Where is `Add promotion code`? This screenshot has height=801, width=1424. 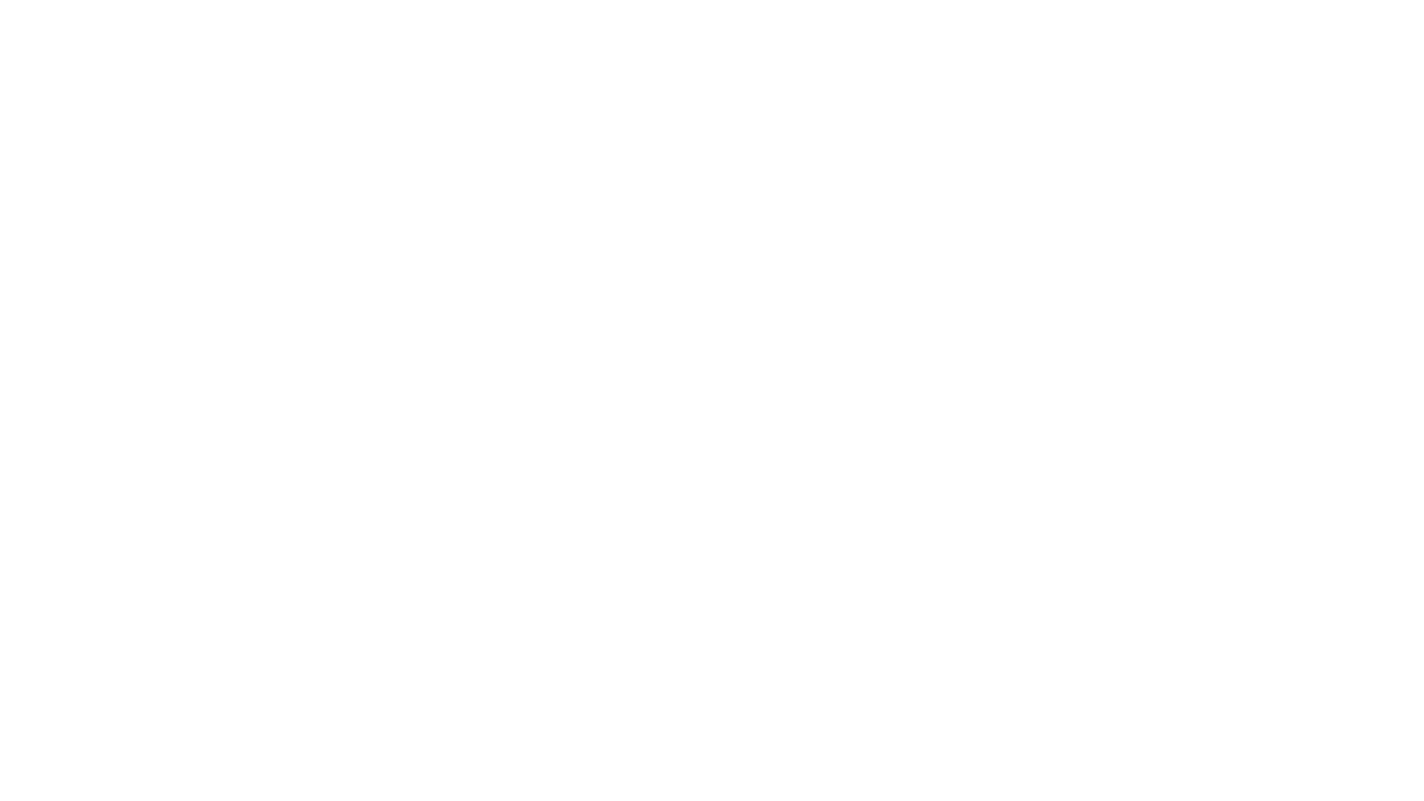 Add promotion code is located at coordinates (351, 544).